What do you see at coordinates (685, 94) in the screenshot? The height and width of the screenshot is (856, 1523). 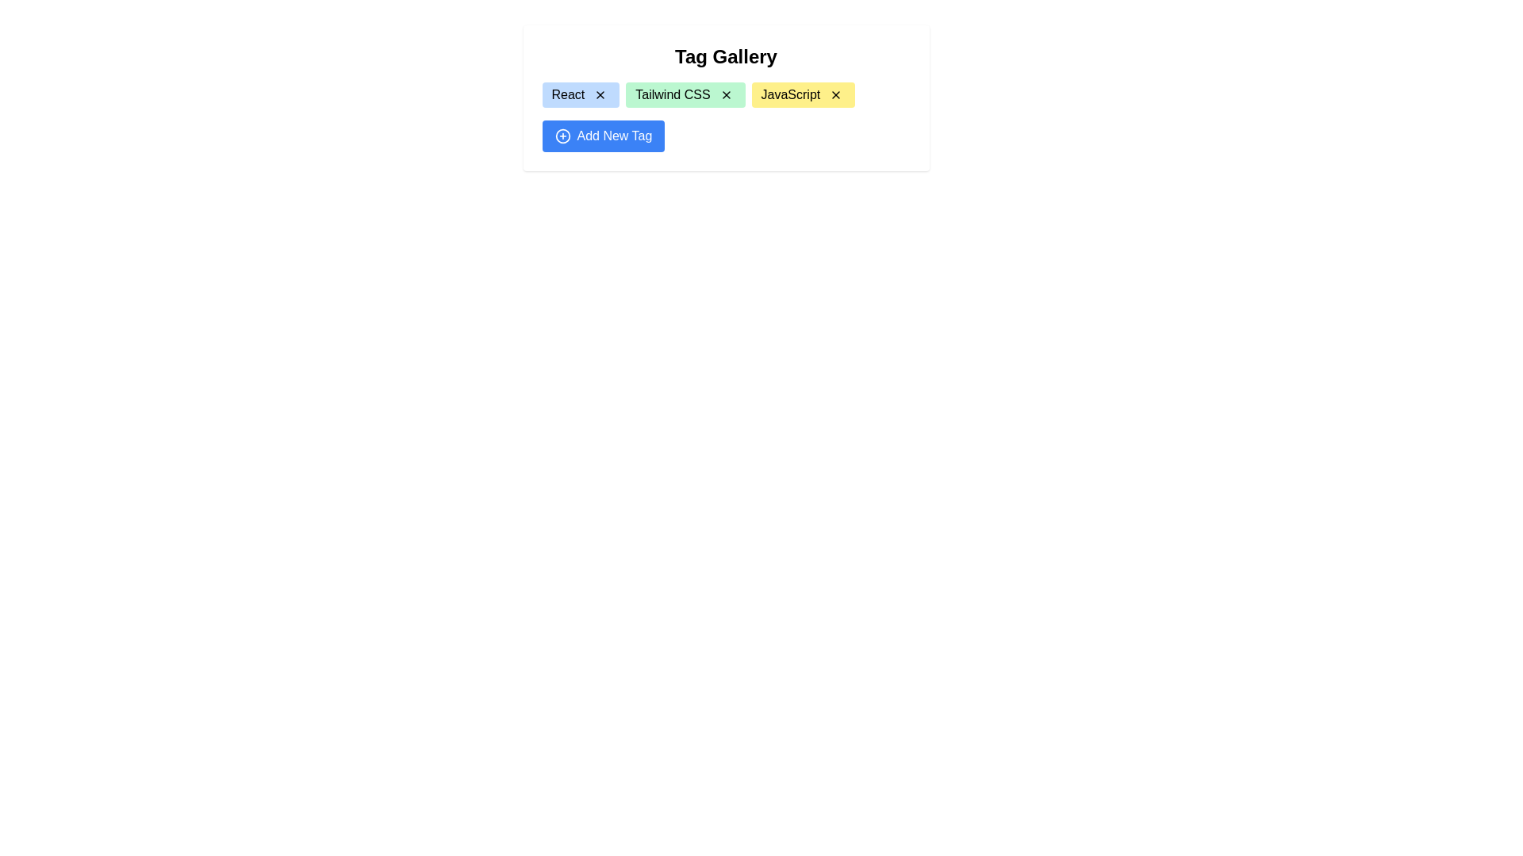 I see `the 'Tailwind CSS' tag badge, which includes a remove button represented by an 'X' icon, positioned between the 'React' and 'JavaScript' badges` at bounding box center [685, 94].